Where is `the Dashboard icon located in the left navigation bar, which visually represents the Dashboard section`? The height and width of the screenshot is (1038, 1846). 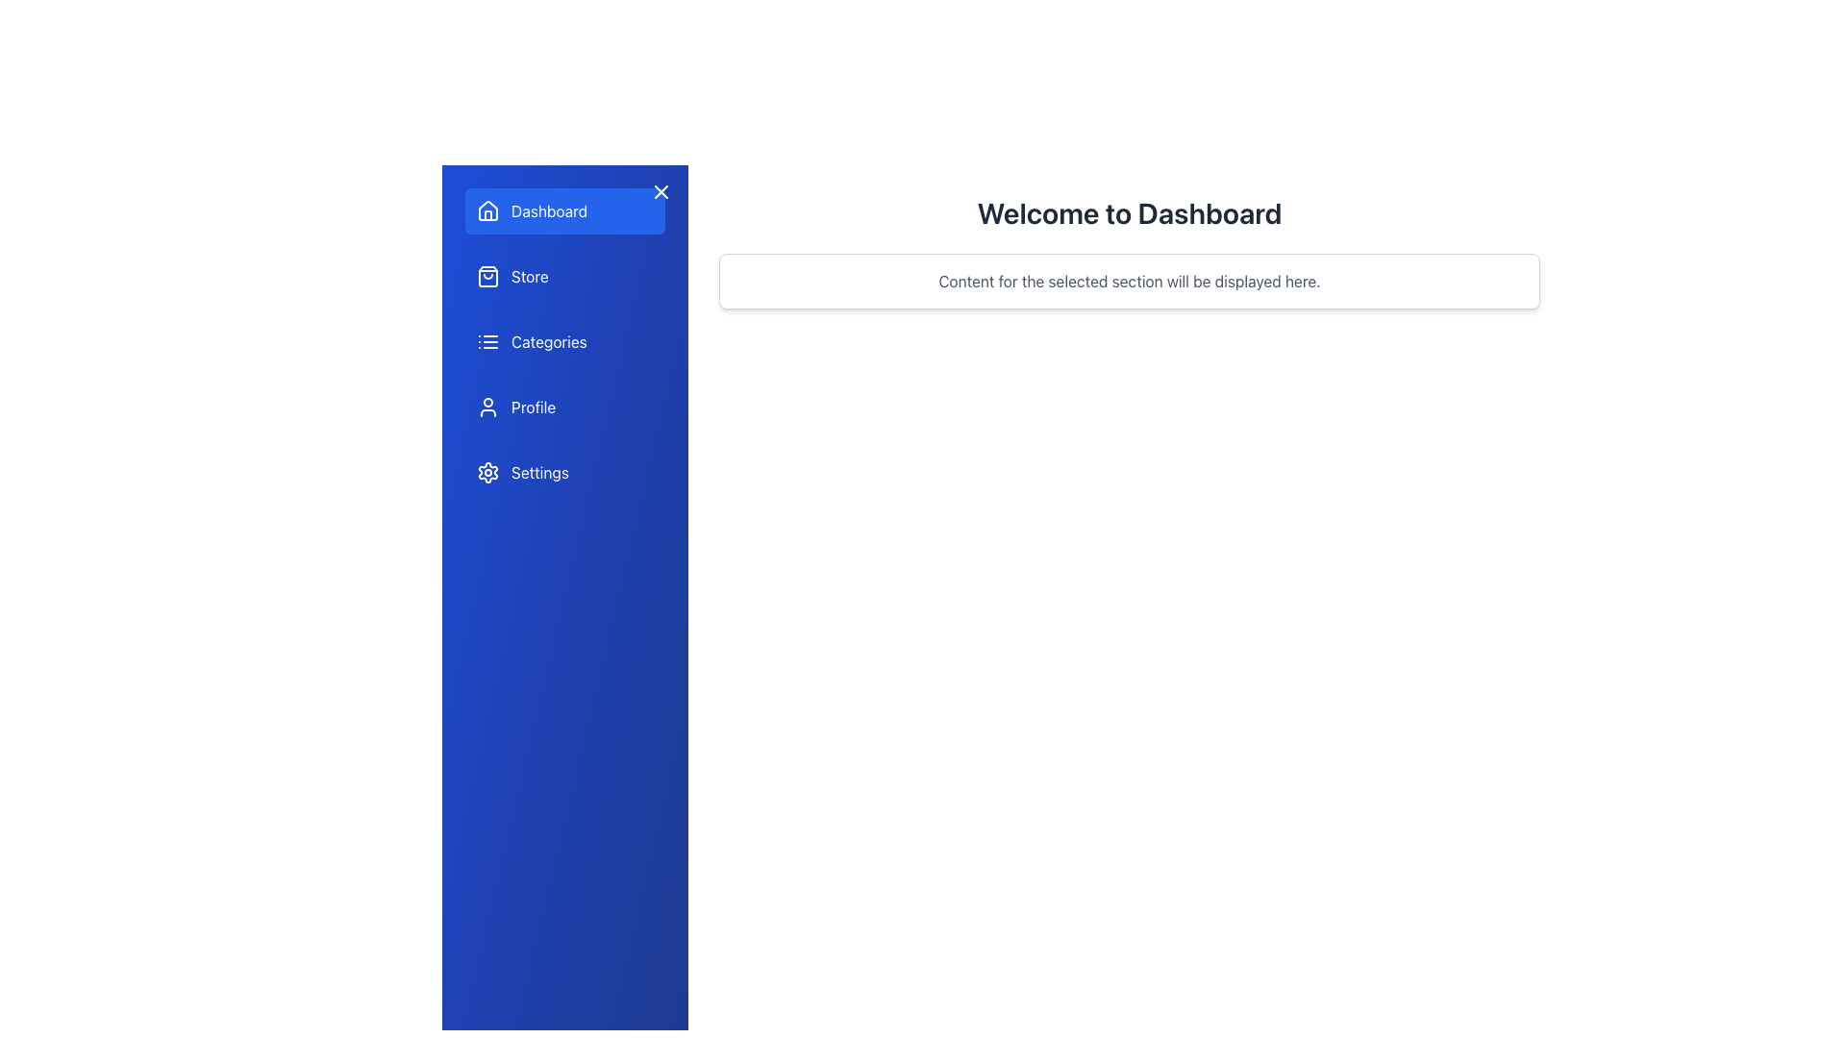 the Dashboard icon located in the left navigation bar, which visually represents the Dashboard section is located at coordinates (488, 210).